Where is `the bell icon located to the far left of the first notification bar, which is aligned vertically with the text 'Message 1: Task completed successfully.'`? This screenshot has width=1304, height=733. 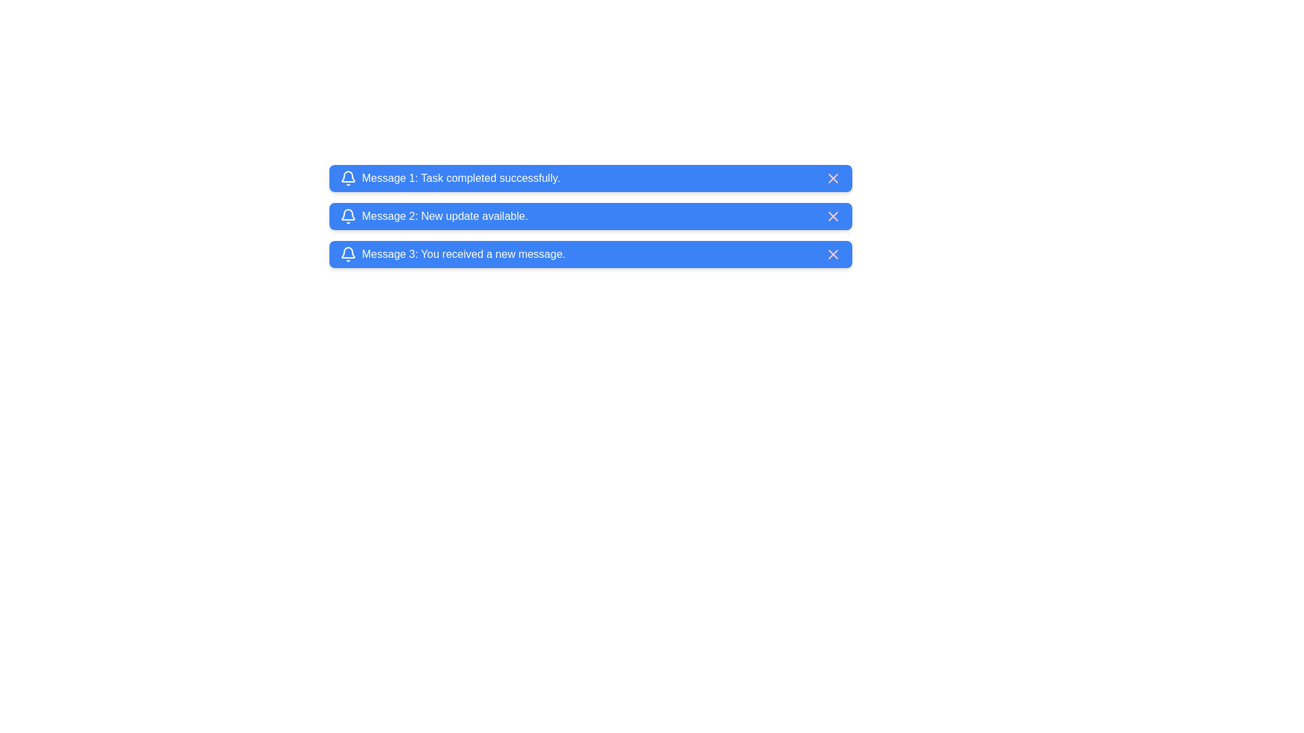
the bell icon located to the far left of the first notification bar, which is aligned vertically with the text 'Message 1: Task completed successfully.' is located at coordinates (348, 177).